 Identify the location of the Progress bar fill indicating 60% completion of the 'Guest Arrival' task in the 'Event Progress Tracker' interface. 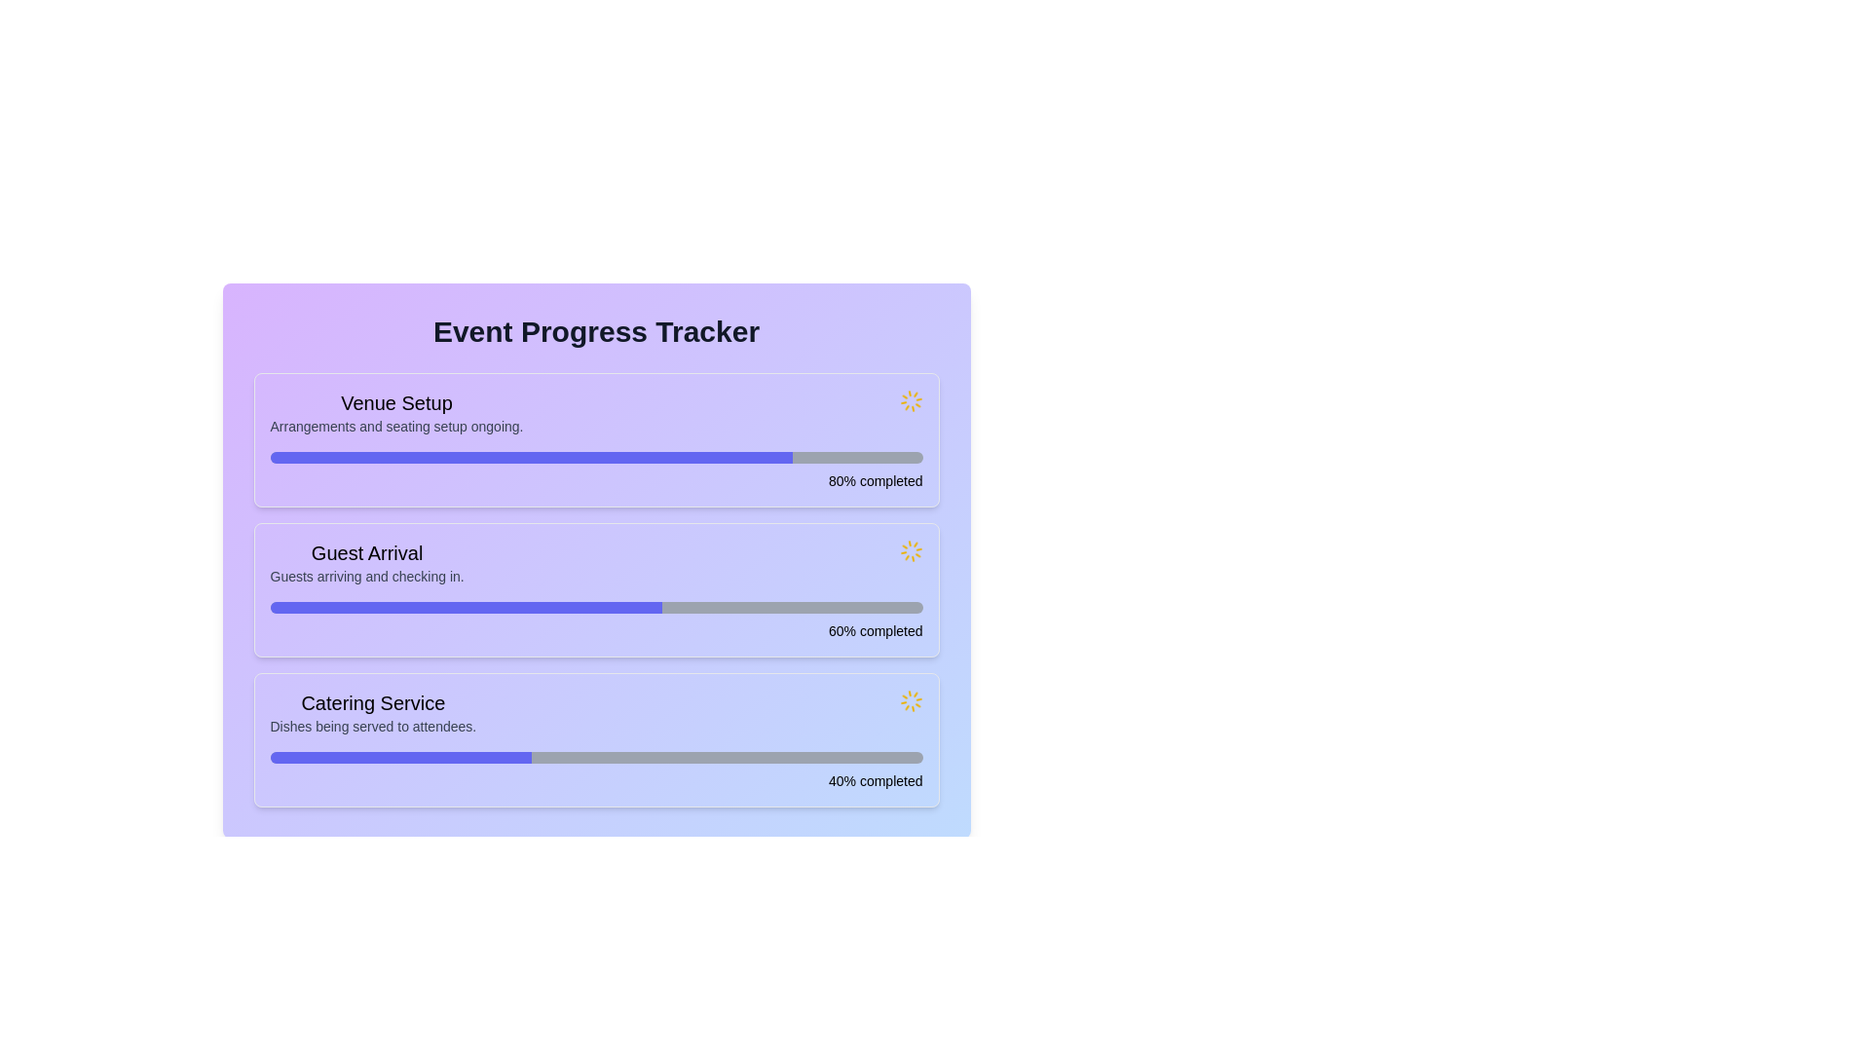
(465, 607).